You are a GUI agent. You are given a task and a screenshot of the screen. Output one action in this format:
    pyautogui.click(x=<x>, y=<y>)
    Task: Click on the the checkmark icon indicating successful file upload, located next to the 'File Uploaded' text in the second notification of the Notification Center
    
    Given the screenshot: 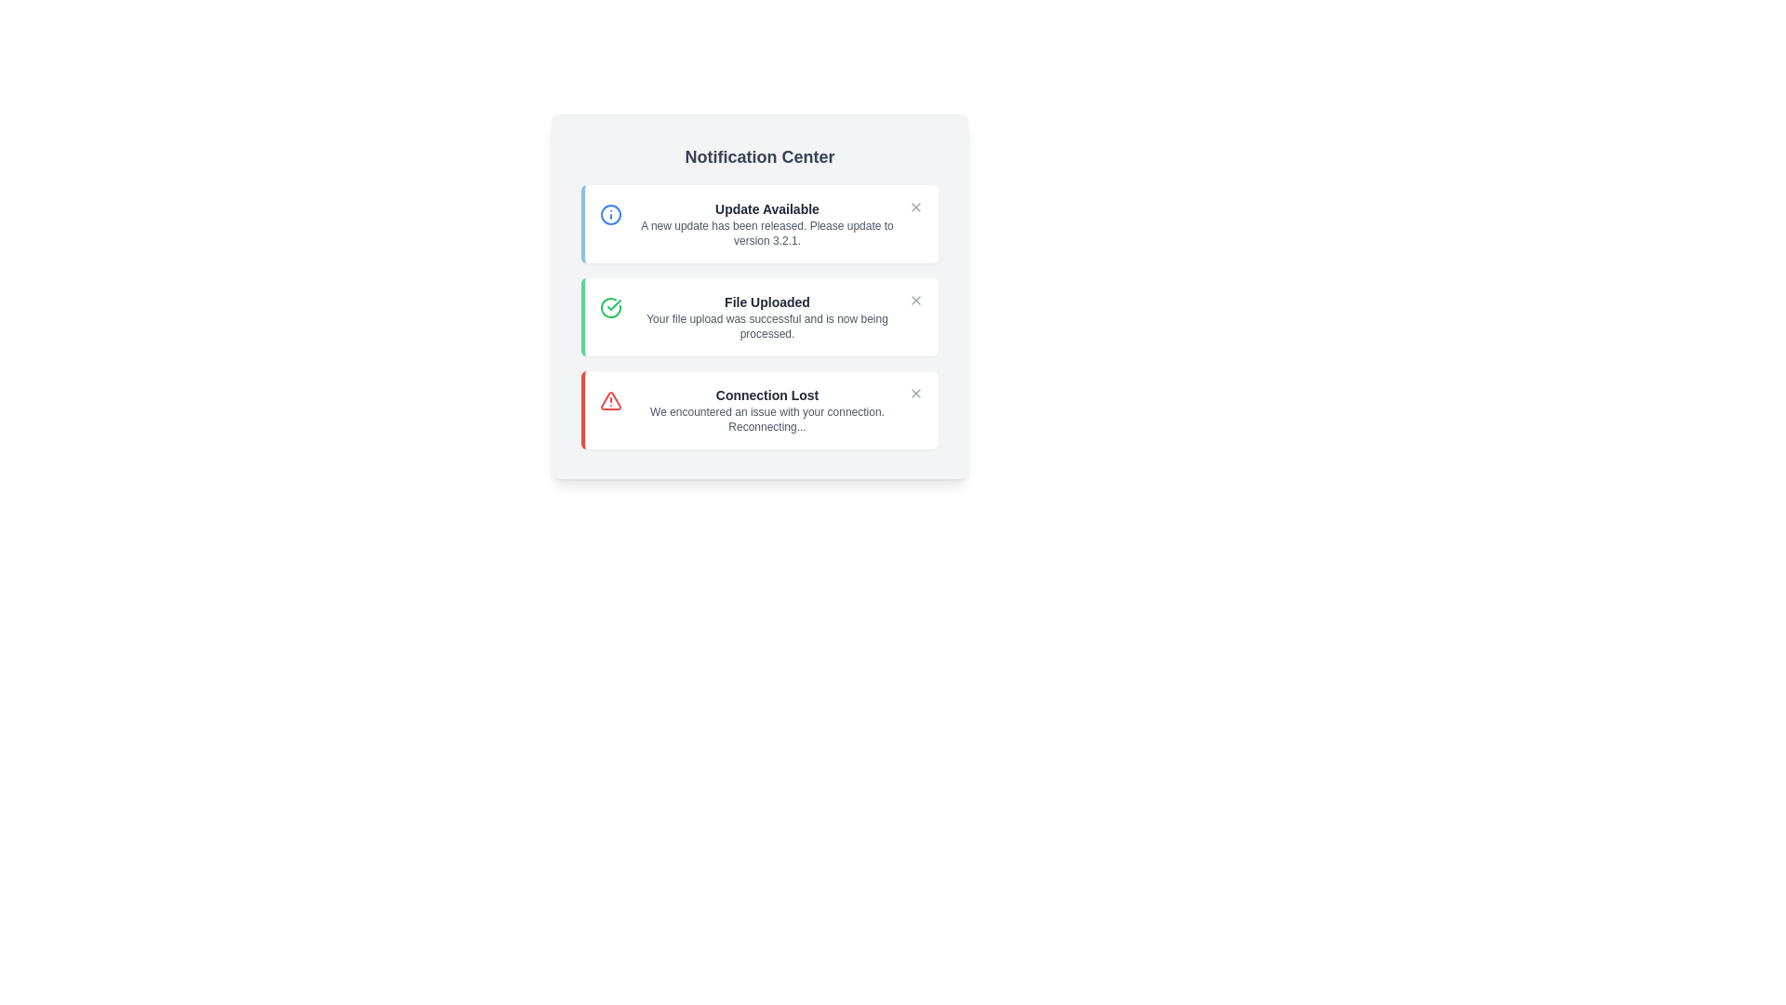 What is the action you would take?
    pyautogui.click(x=614, y=303)
    